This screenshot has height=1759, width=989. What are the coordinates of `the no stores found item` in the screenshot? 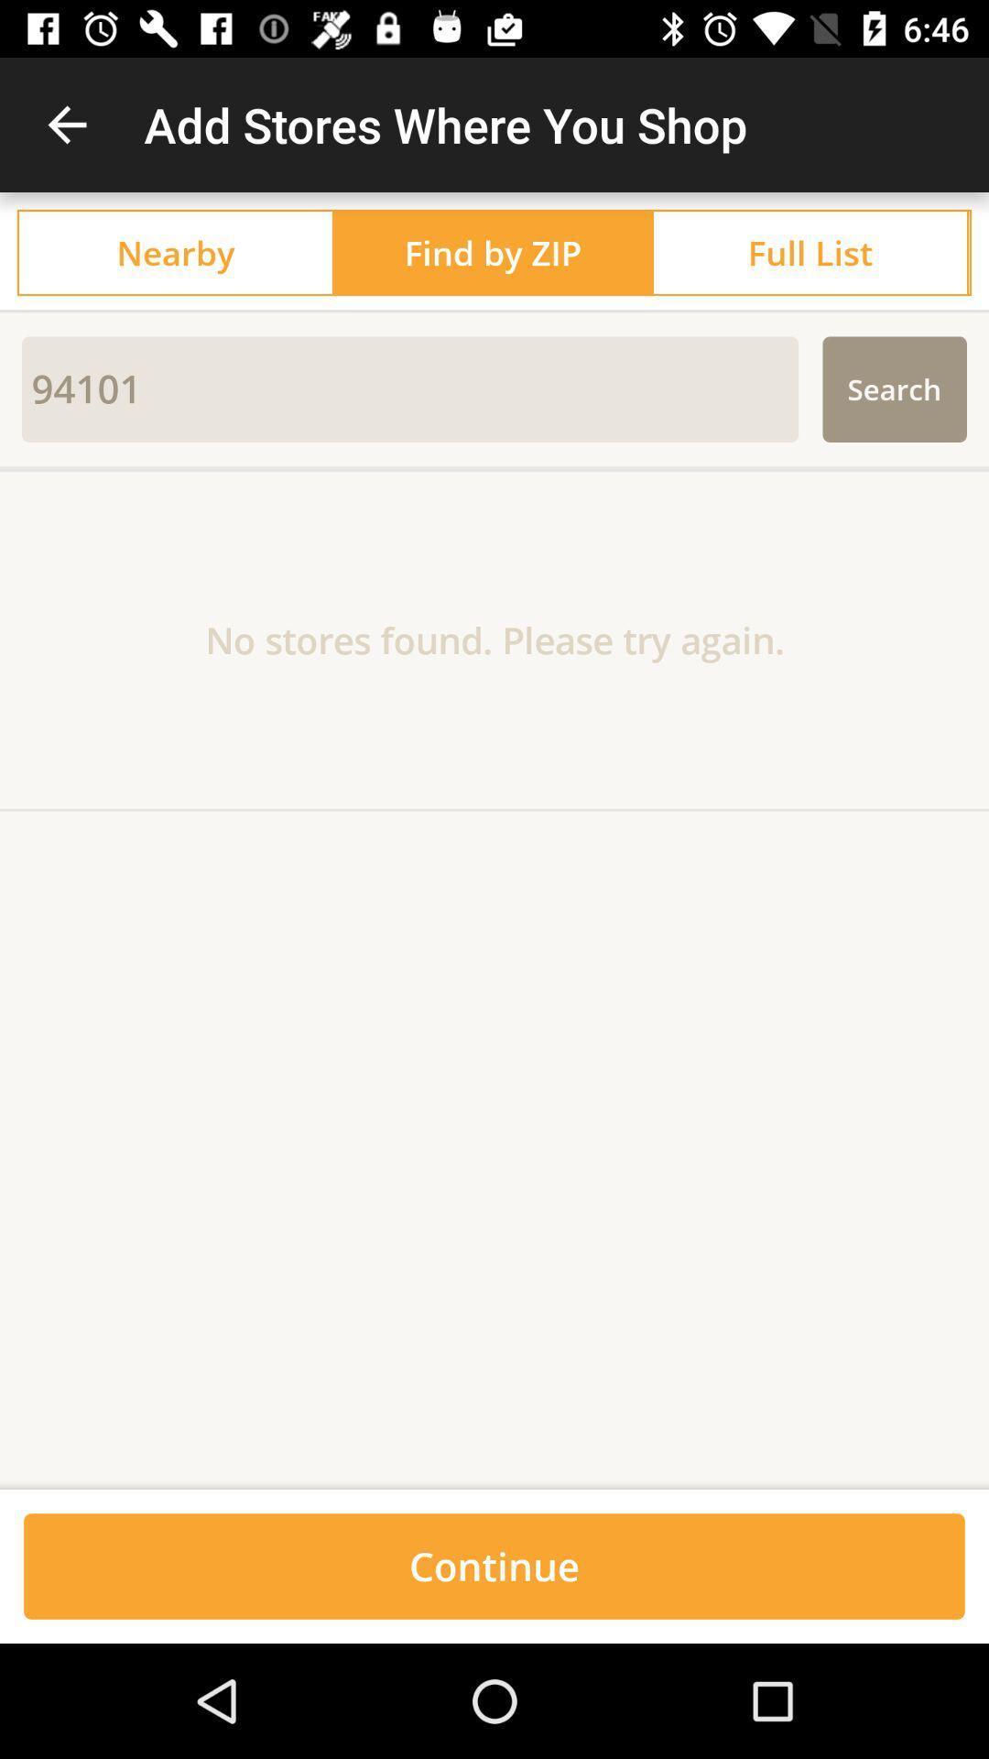 It's located at (494, 639).